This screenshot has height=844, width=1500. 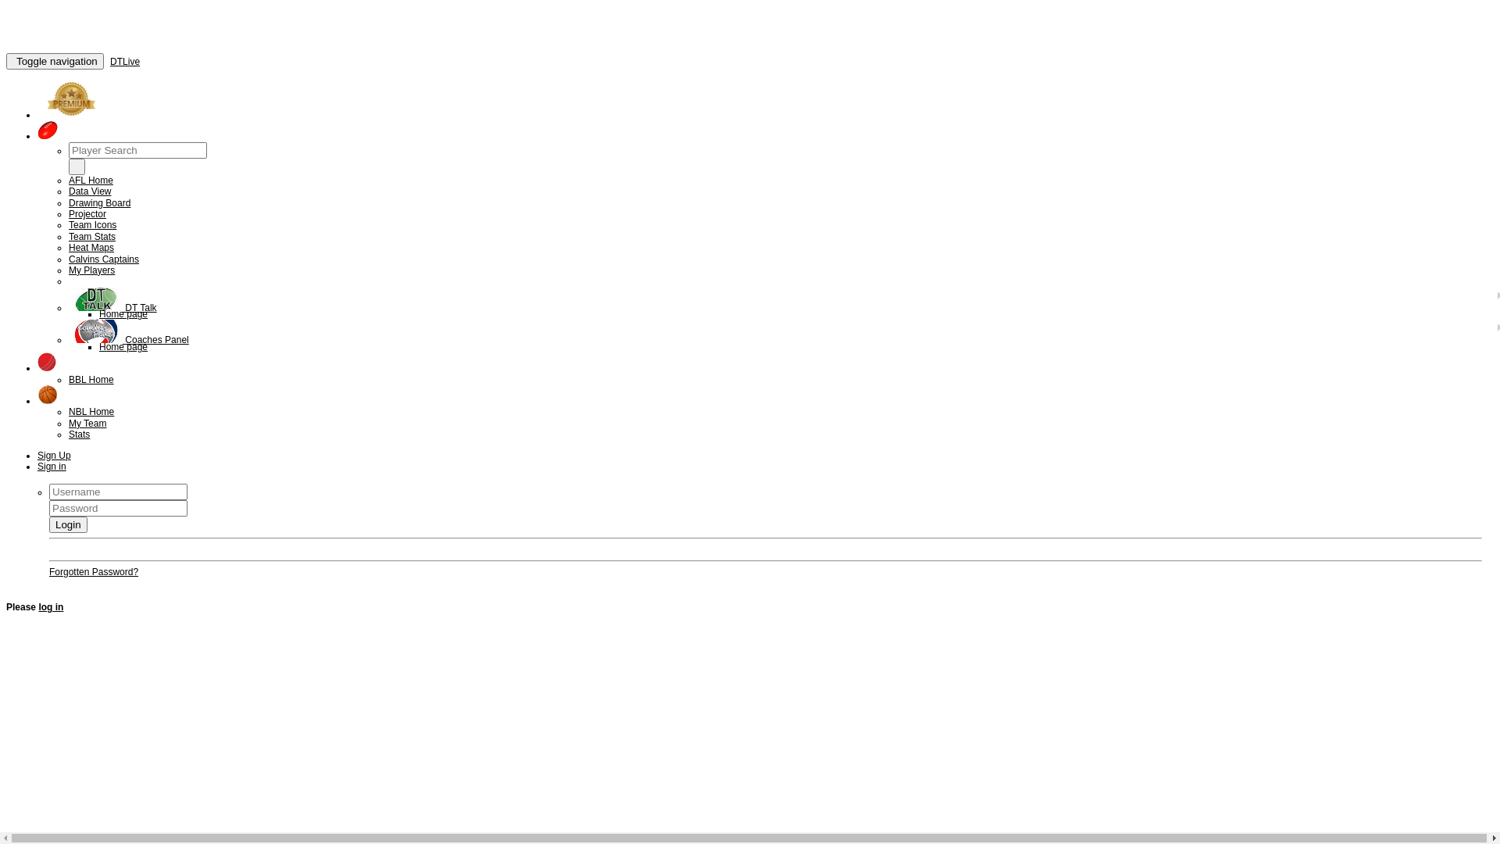 I want to click on 'Home page', so click(x=123, y=313).